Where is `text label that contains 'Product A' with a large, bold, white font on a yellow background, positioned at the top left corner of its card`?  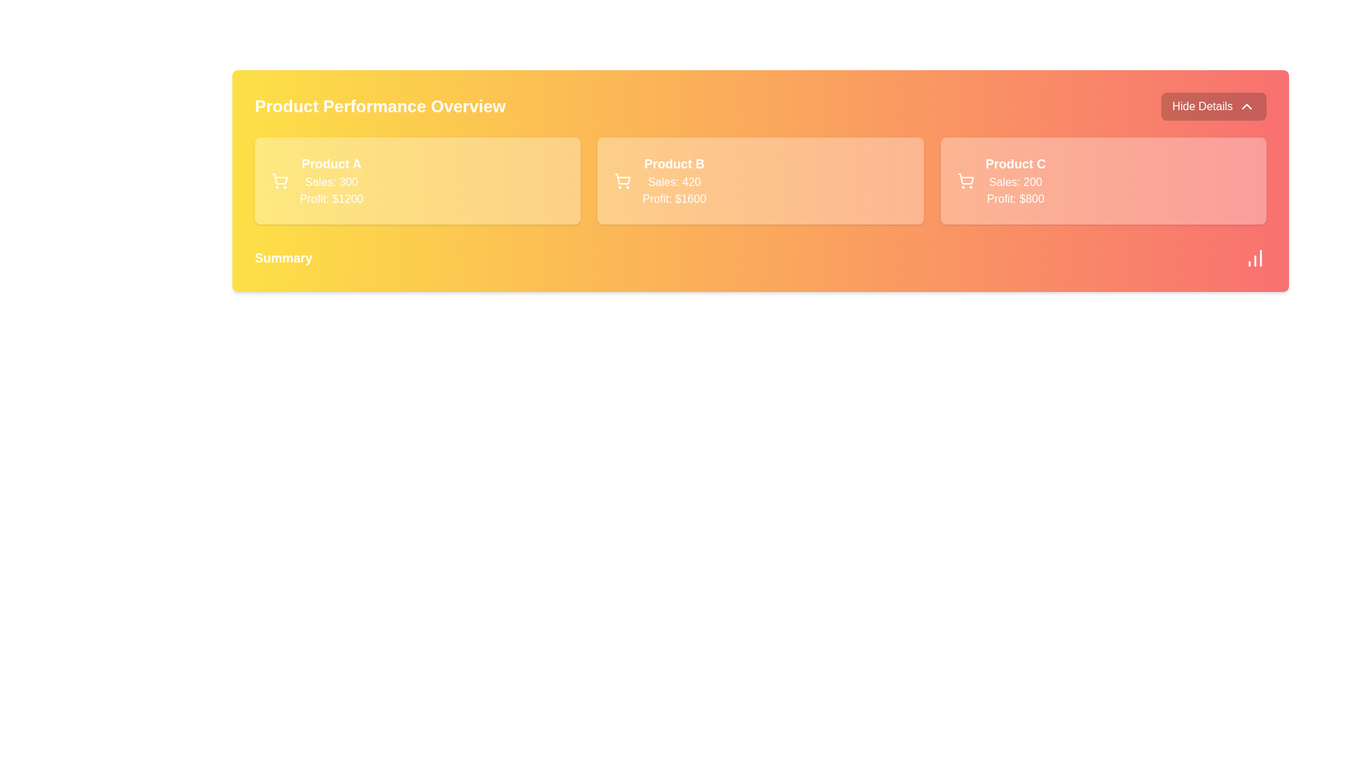
text label that contains 'Product A' with a large, bold, white font on a yellow background, positioned at the top left corner of its card is located at coordinates (331, 164).